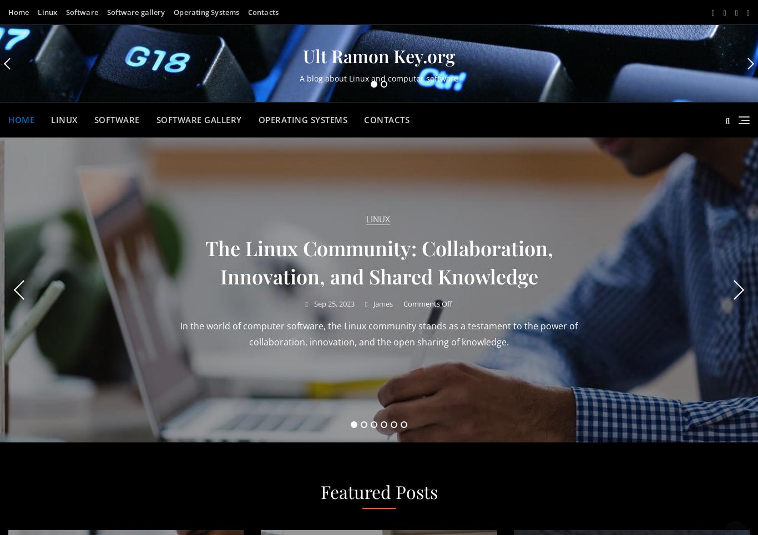 This screenshot has width=758, height=535. What do you see at coordinates (378, 261) in the screenshot?
I see `'This blog is about Linux and computer software'` at bounding box center [378, 261].